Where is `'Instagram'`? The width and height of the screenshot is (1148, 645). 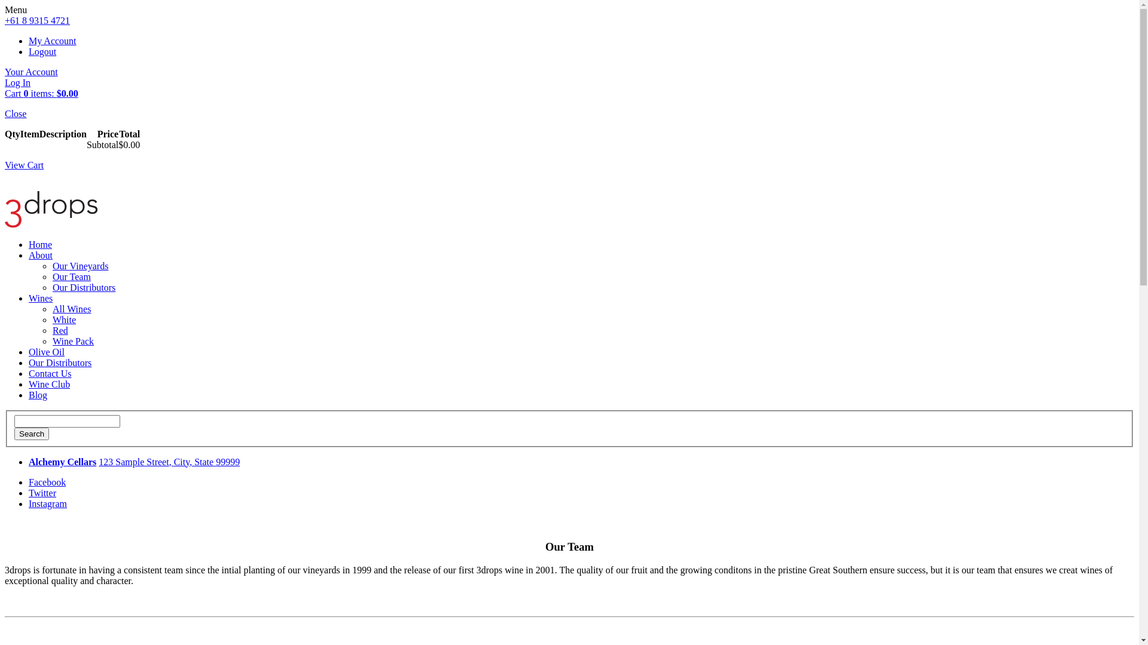 'Instagram' is located at coordinates (48, 503).